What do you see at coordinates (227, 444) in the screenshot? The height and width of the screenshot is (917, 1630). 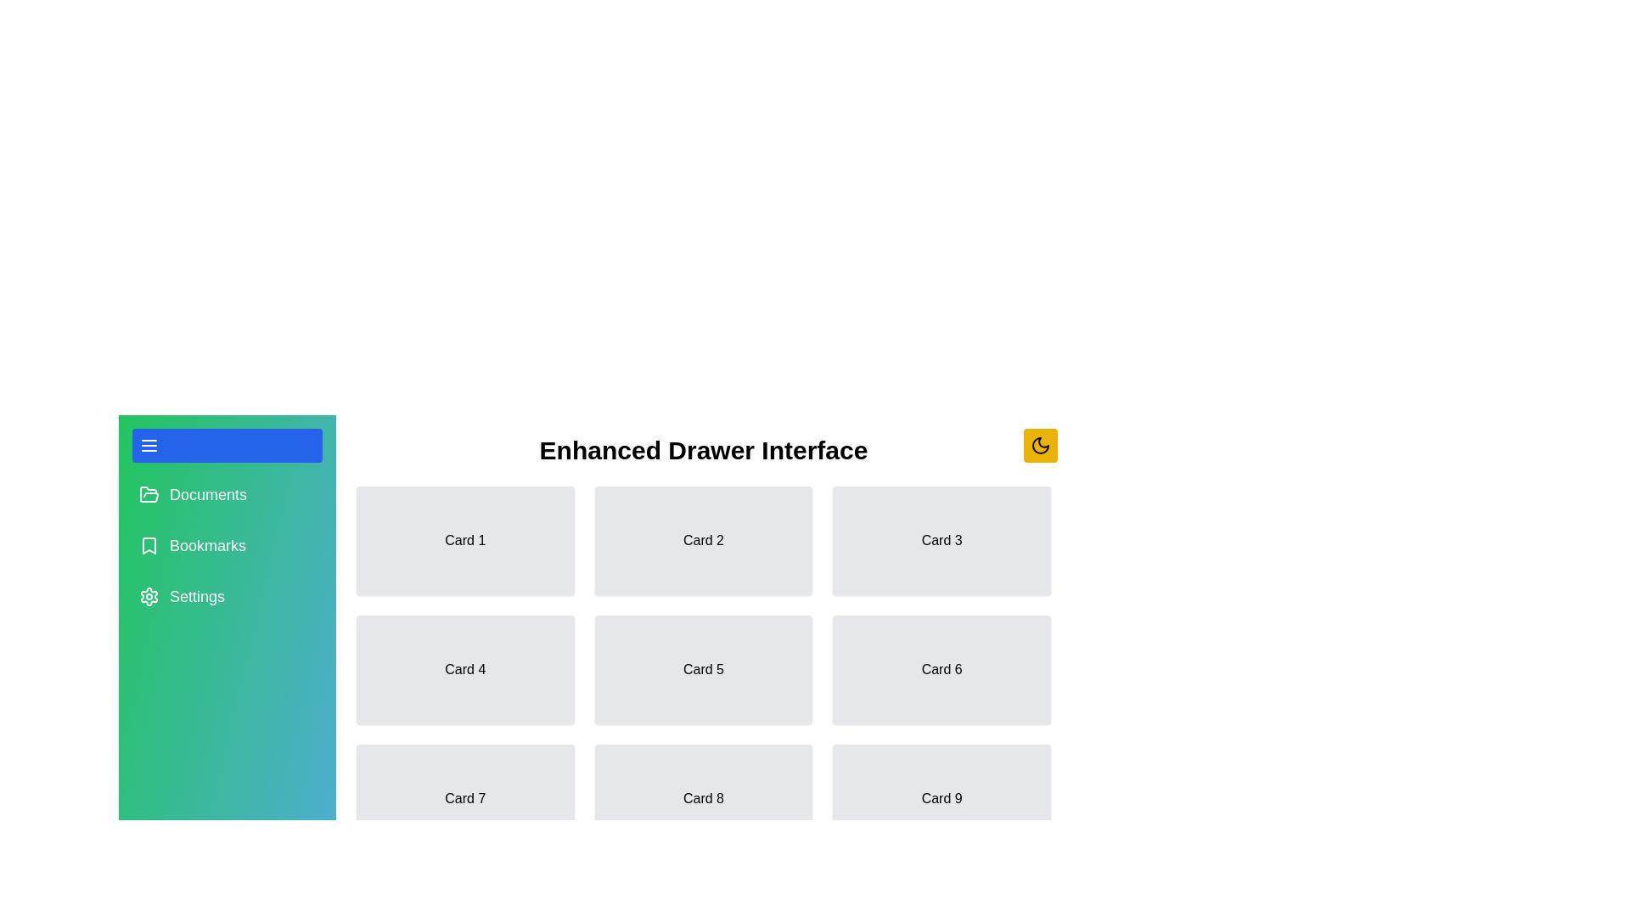 I see `menu button to toggle the drawer state` at bounding box center [227, 444].